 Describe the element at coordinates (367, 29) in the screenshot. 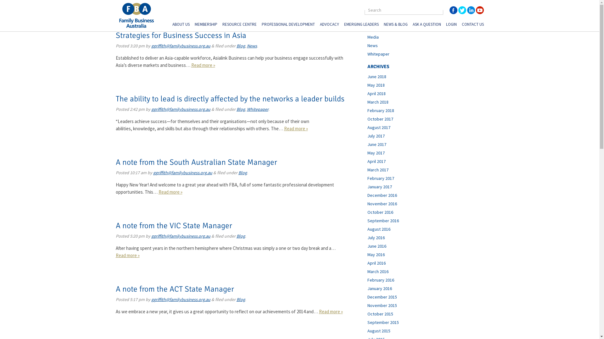

I see `'Case Study'` at that location.